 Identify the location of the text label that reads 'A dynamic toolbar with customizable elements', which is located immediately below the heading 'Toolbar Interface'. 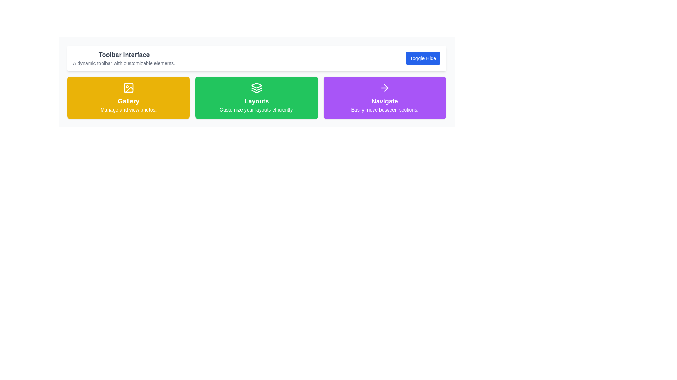
(124, 63).